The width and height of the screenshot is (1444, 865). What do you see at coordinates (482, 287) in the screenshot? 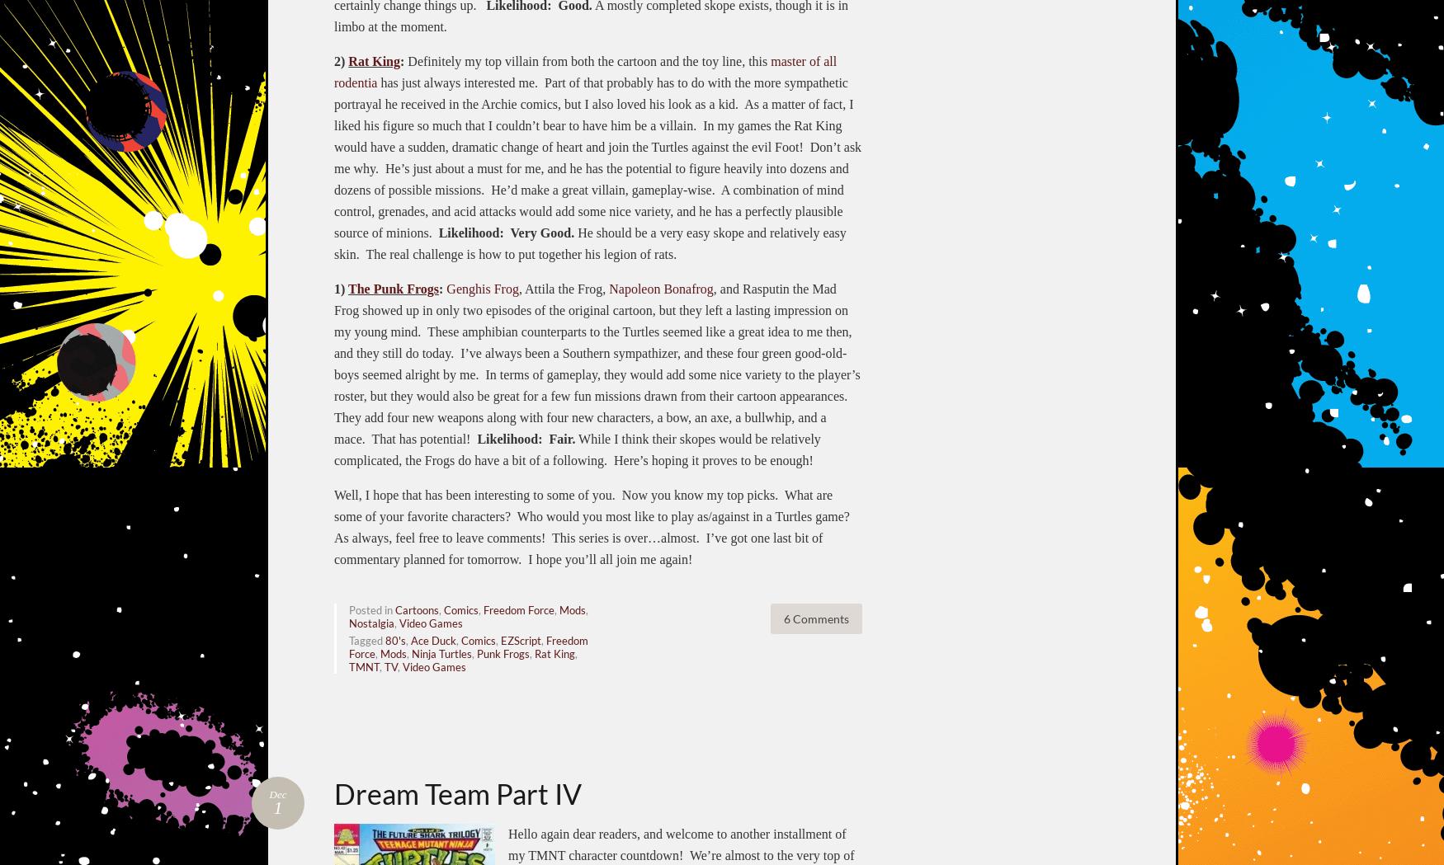
I see `'Genghis Frog'` at bounding box center [482, 287].